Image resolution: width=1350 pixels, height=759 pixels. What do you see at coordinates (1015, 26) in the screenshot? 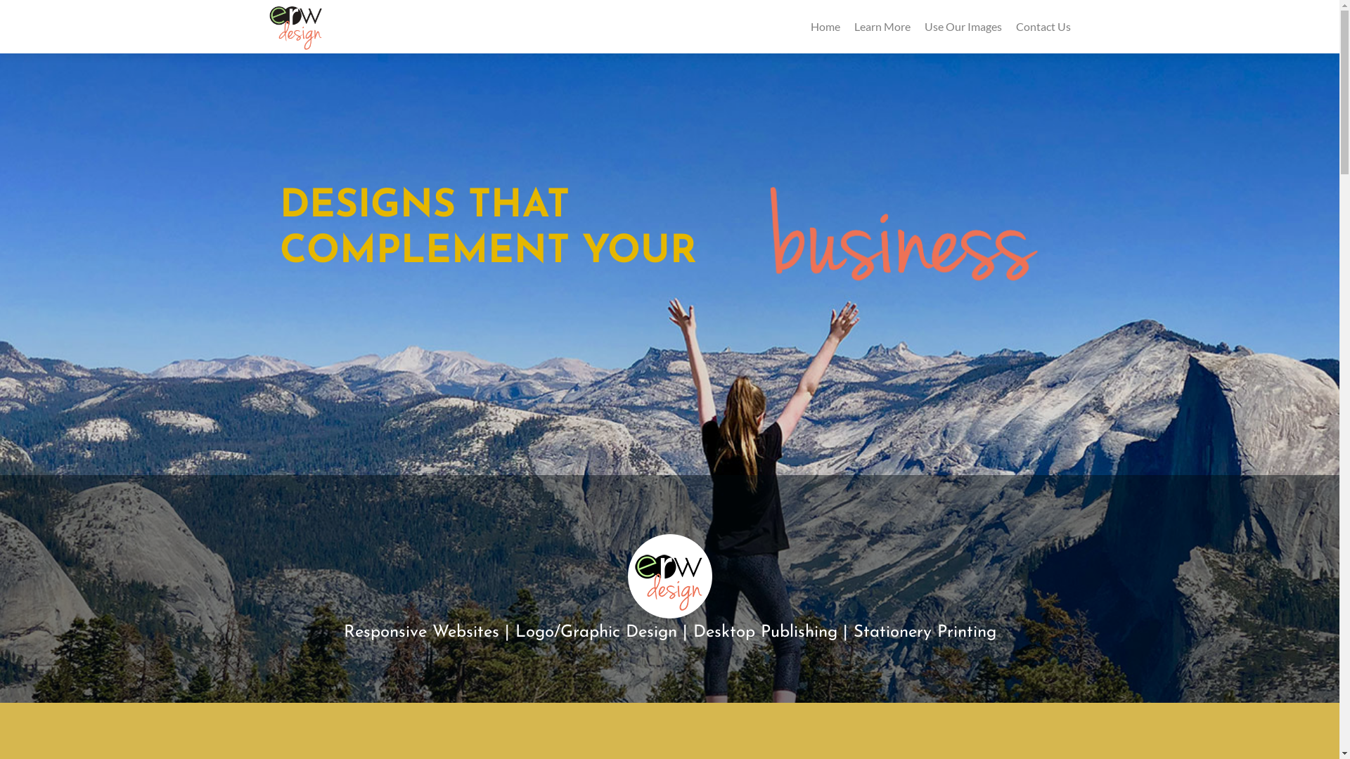
I see `'Contact Us'` at bounding box center [1015, 26].